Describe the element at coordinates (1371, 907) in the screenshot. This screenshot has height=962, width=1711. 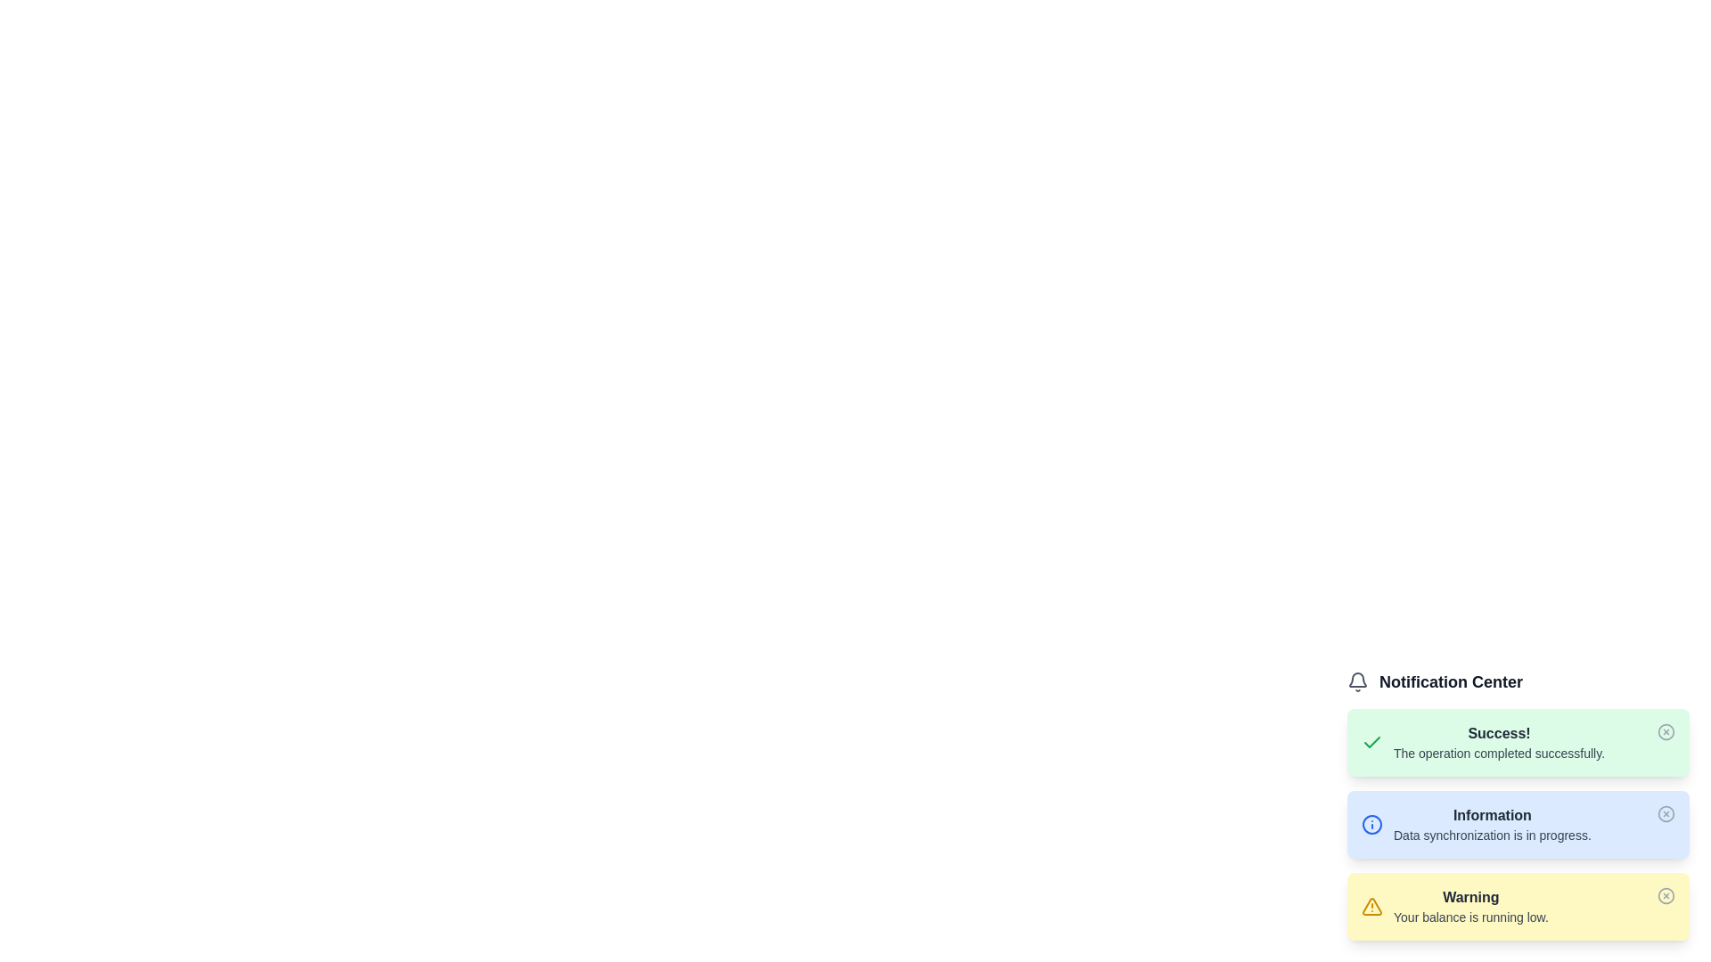
I see `the visual alert icon located to the left of the 'Warning' notification in the notification center` at that location.